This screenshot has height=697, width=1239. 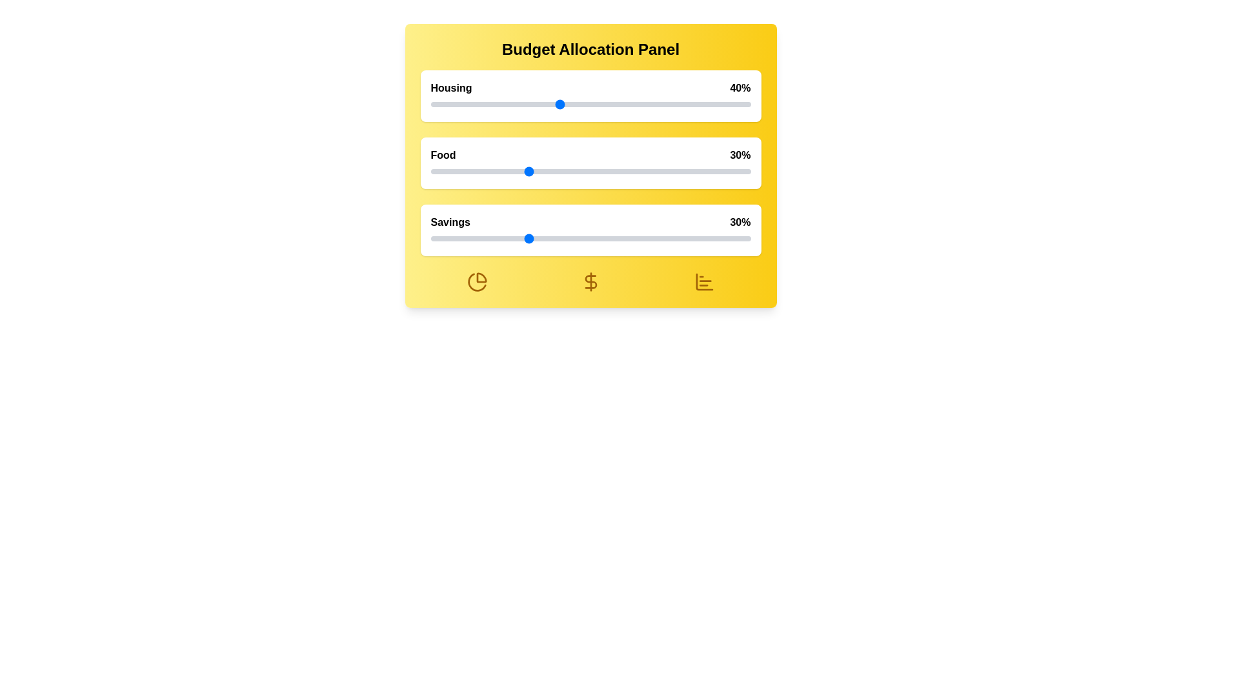 I want to click on the slider, so click(x=596, y=171).